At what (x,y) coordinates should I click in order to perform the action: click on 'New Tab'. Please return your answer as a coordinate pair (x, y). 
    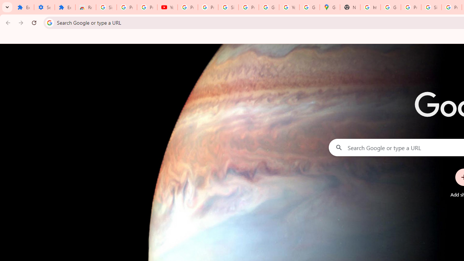
    Looking at the image, I should click on (350, 7).